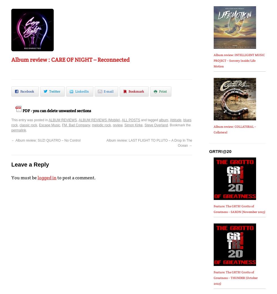 This screenshot has width=277, height=294. What do you see at coordinates (75, 91) in the screenshot?
I see `'LinkedIn'` at bounding box center [75, 91].